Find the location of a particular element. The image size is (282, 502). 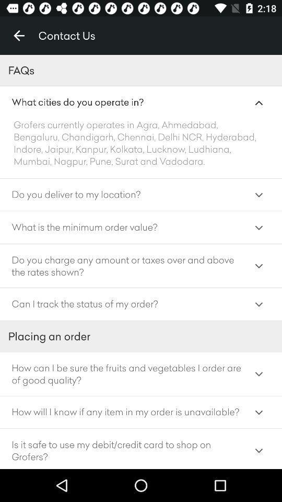

the icon at the top left corner is located at coordinates (19, 36).